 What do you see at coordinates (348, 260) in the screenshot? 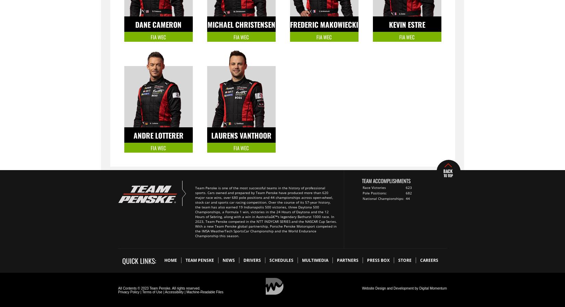
I see `'Partners'` at bounding box center [348, 260].